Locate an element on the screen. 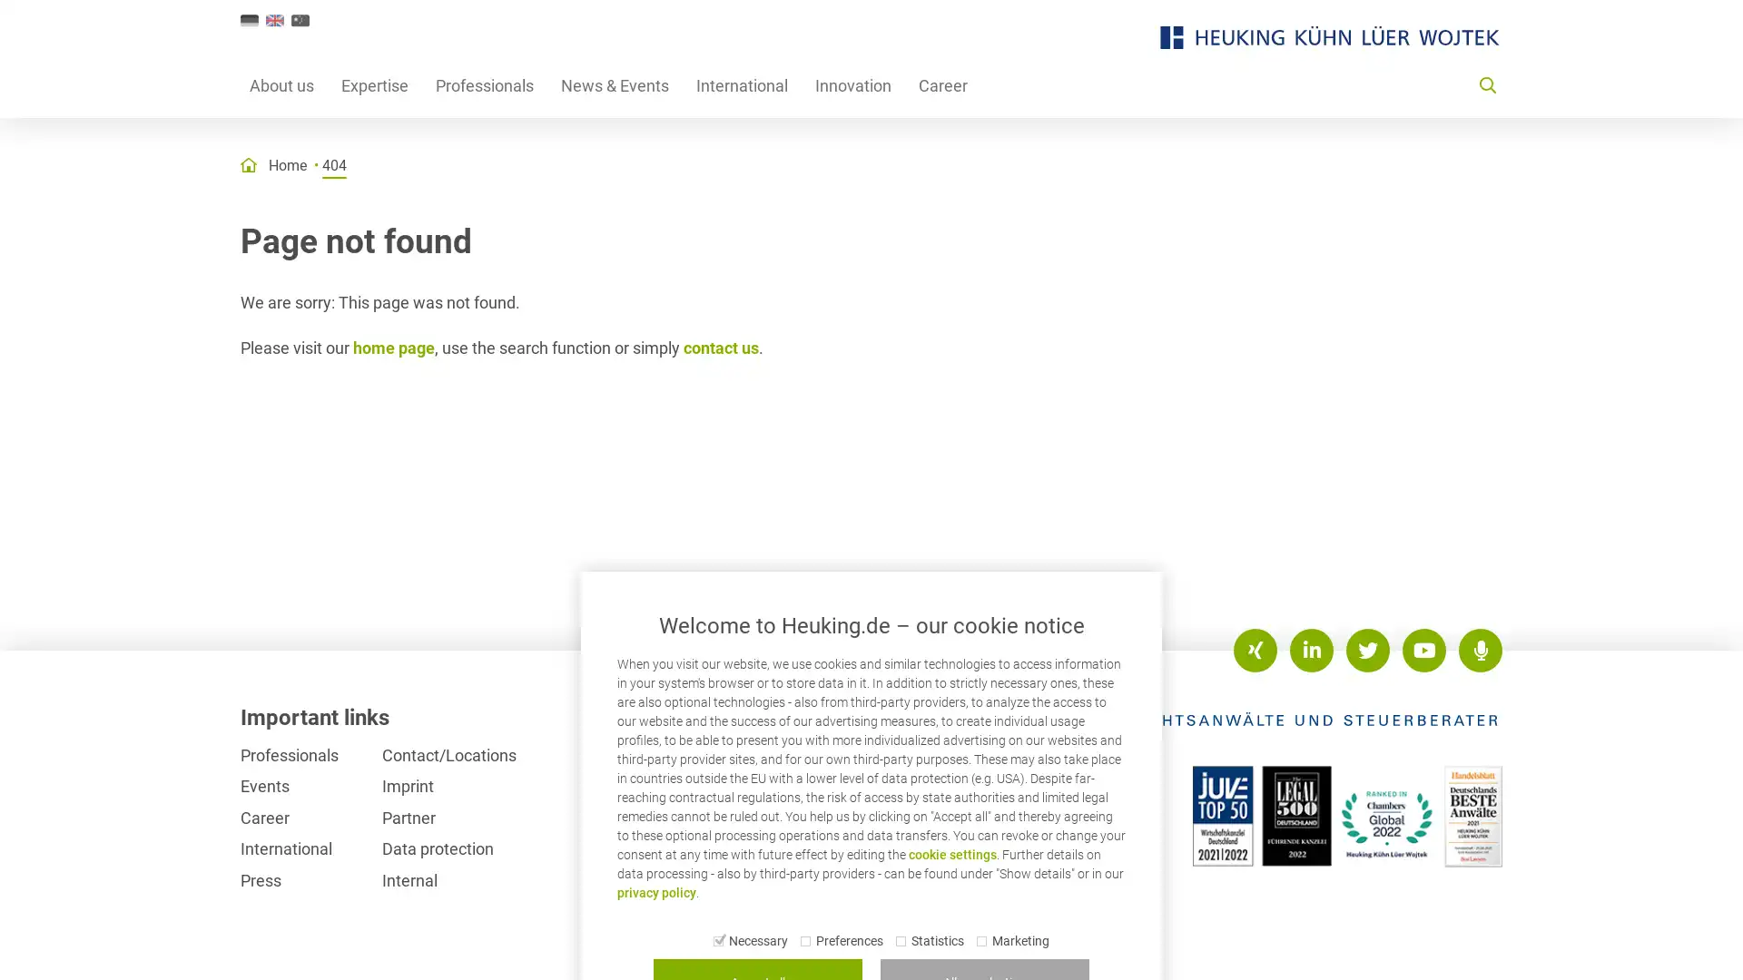 This screenshot has height=980, width=1743. Twitter is located at coordinates (1368, 649).